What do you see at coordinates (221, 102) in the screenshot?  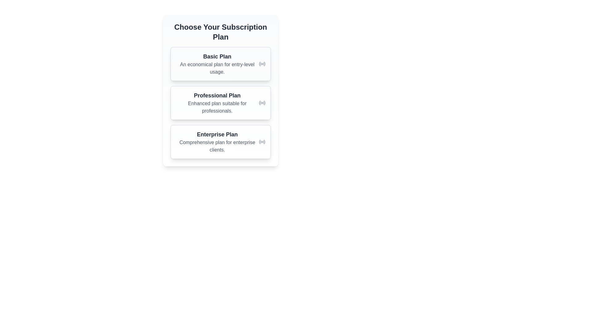 I see `the 'Professional Plan' selectable card, which features a white background, rounded corners, and contains the text 'Professional Plan' in bold, along with a radio button icon on the far-right side` at bounding box center [221, 102].